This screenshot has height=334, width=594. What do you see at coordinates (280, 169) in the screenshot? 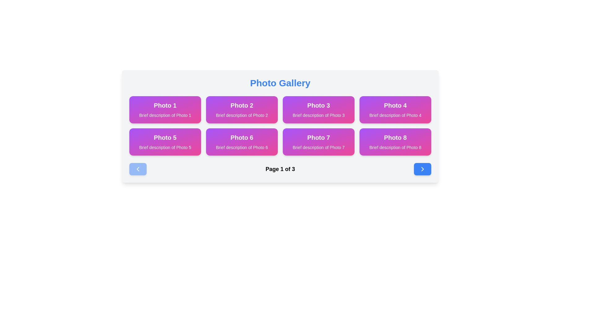
I see `pagination information displayed in the text label that says 'Page 1 of 3', which is centrally located below a grid of photos` at bounding box center [280, 169].